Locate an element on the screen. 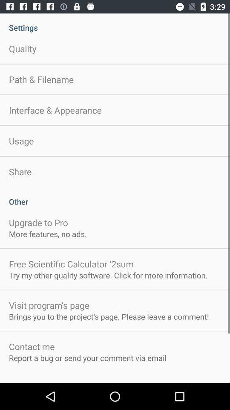 This screenshot has width=230, height=410. settings is located at coordinates (115, 23).